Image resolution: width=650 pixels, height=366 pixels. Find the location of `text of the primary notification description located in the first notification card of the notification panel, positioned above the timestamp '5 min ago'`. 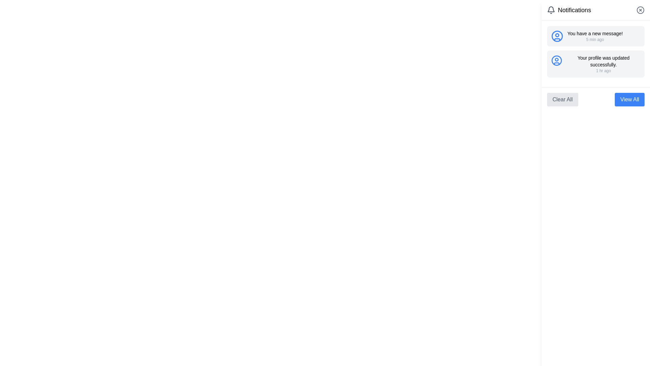

text of the primary notification description located in the first notification card of the notification panel, positioned above the timestamp '5 min ago' is located at coordinates (594, 34).